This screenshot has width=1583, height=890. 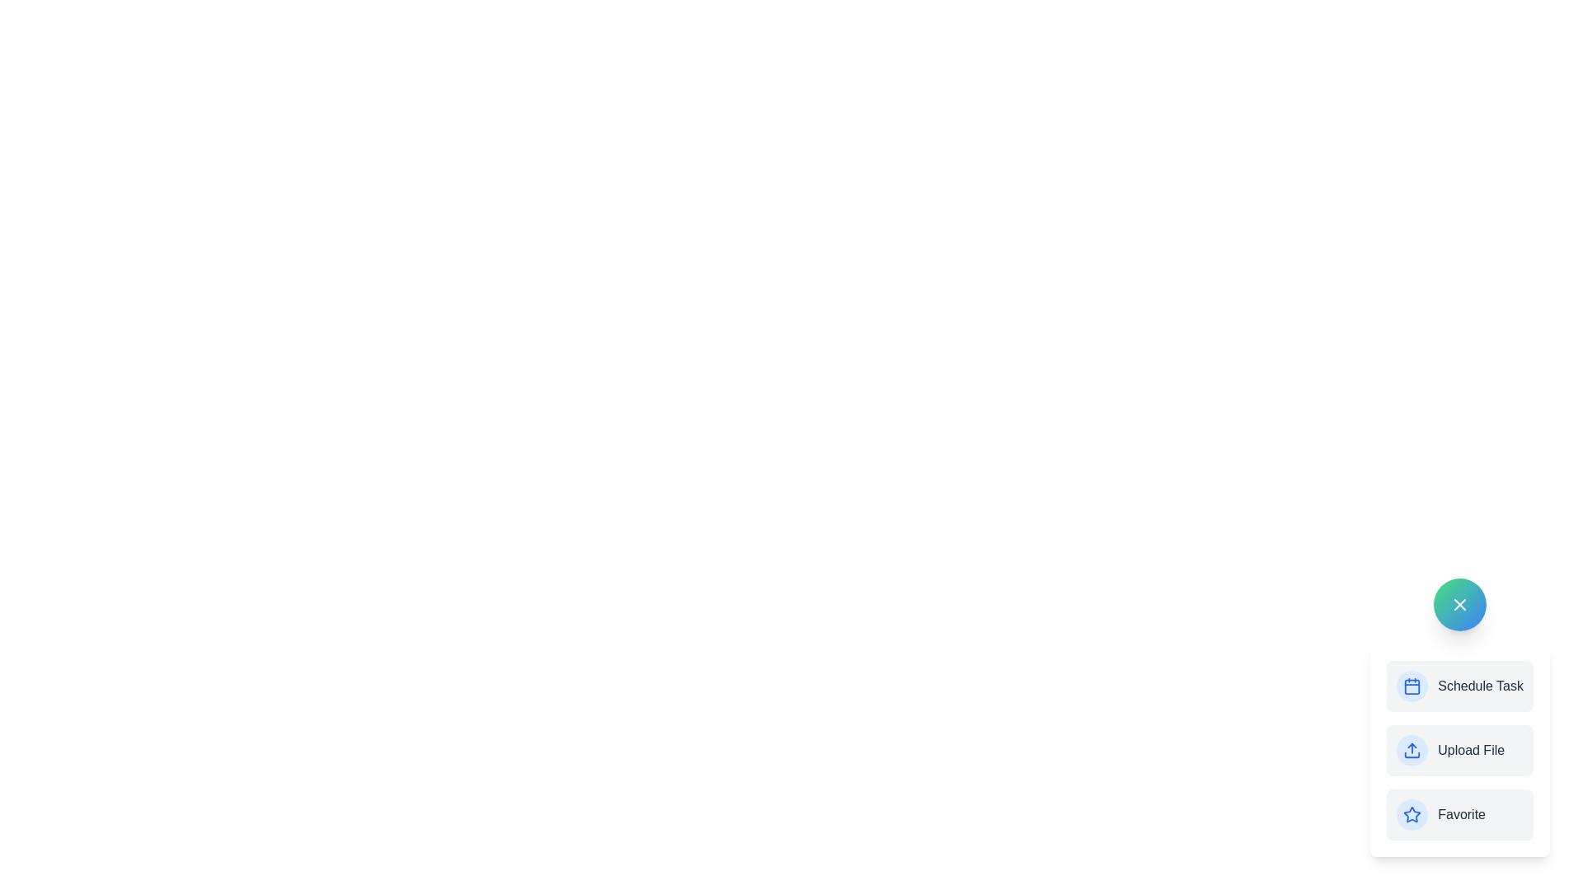 What do you see at coordinates (1460, 813) in the screenshot?
I see `the 'Favorite' button to mark it as a favorite` at bounding box center [1460, 813].